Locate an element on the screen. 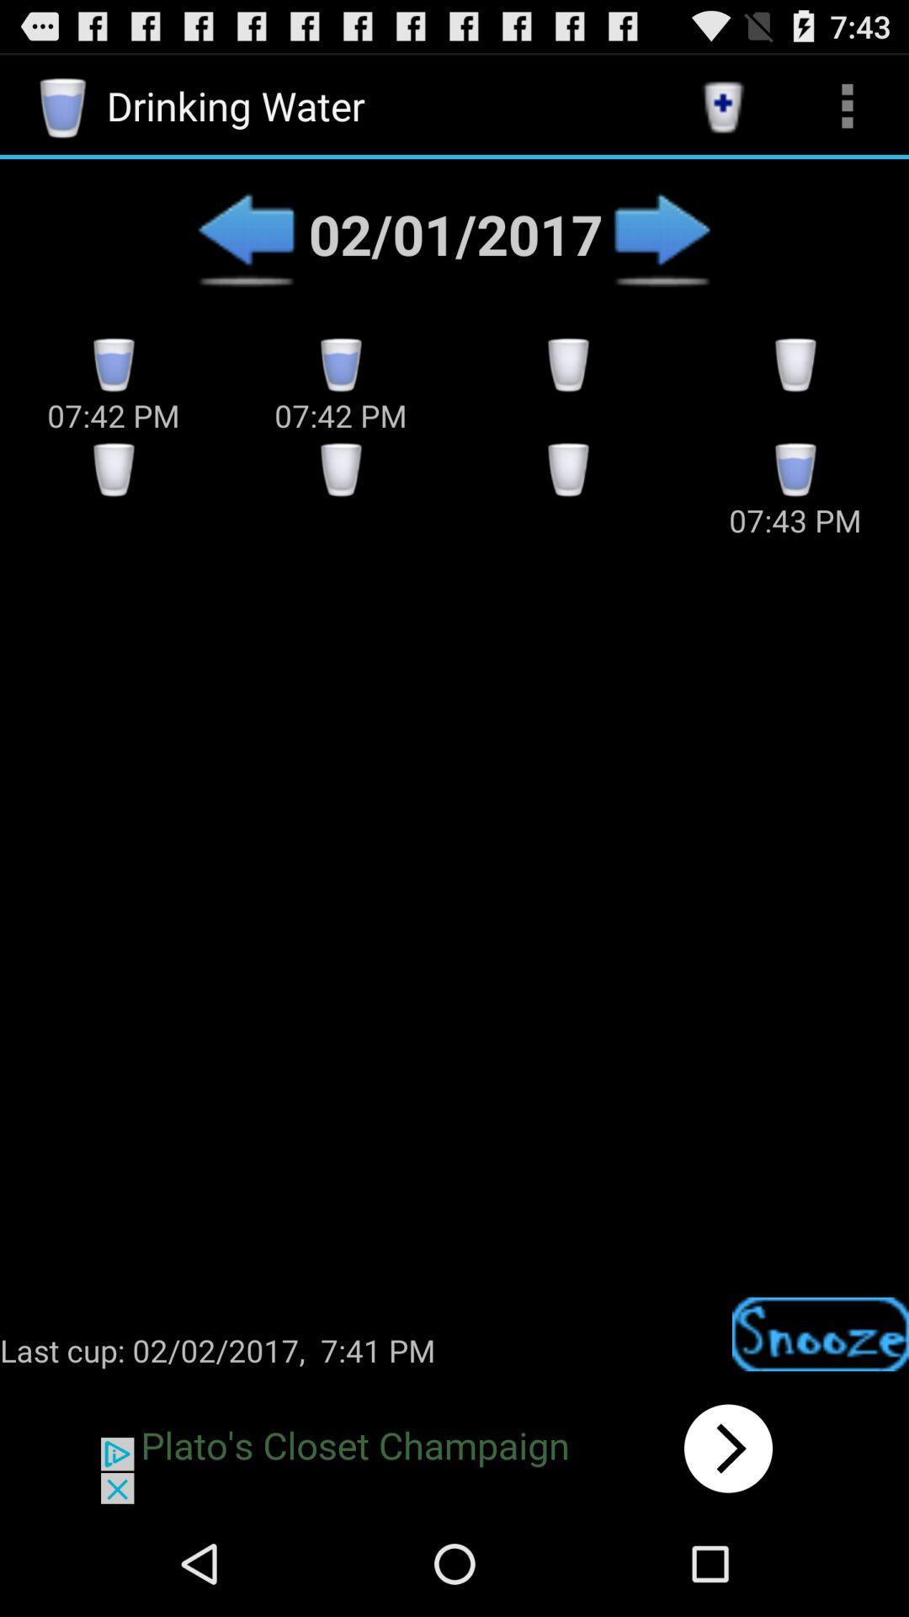  goes to previous day is located at coordinates (246, 233).